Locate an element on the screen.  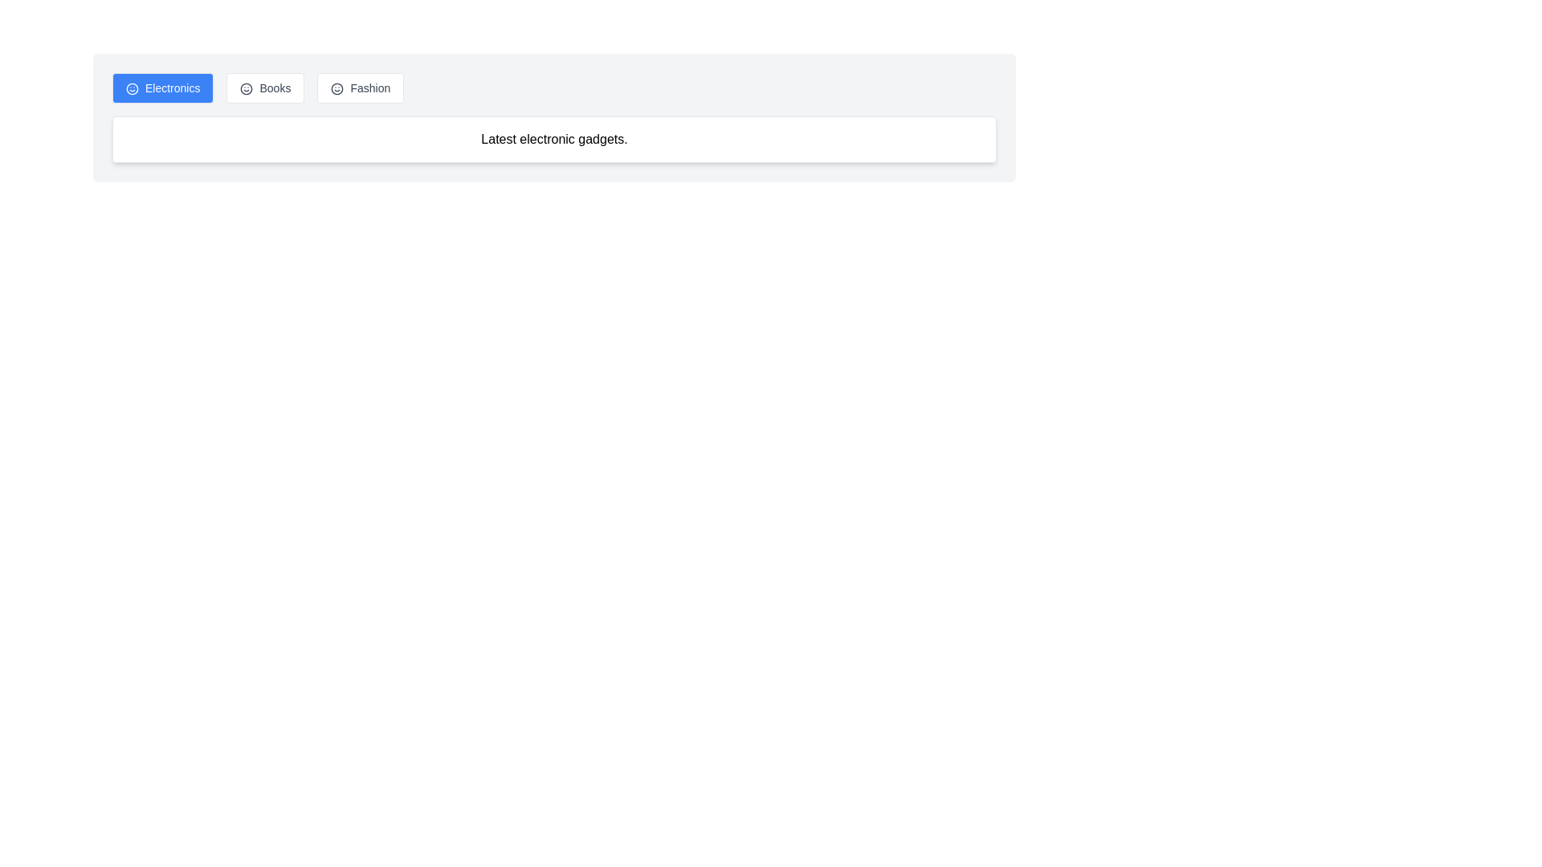
the text block providing introductory or summary information about the latest electronic gadgets, located below the interactive buttons labeled 'Electronics', 'Books', and 'Fashion' is located at coordinates (554, 138).